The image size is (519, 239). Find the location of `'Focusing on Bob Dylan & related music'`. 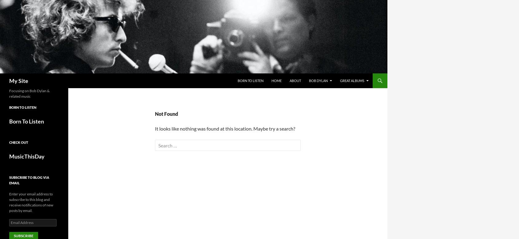

'Focusing on Bob Dylan & related music' is located at coordinates (9, 93).